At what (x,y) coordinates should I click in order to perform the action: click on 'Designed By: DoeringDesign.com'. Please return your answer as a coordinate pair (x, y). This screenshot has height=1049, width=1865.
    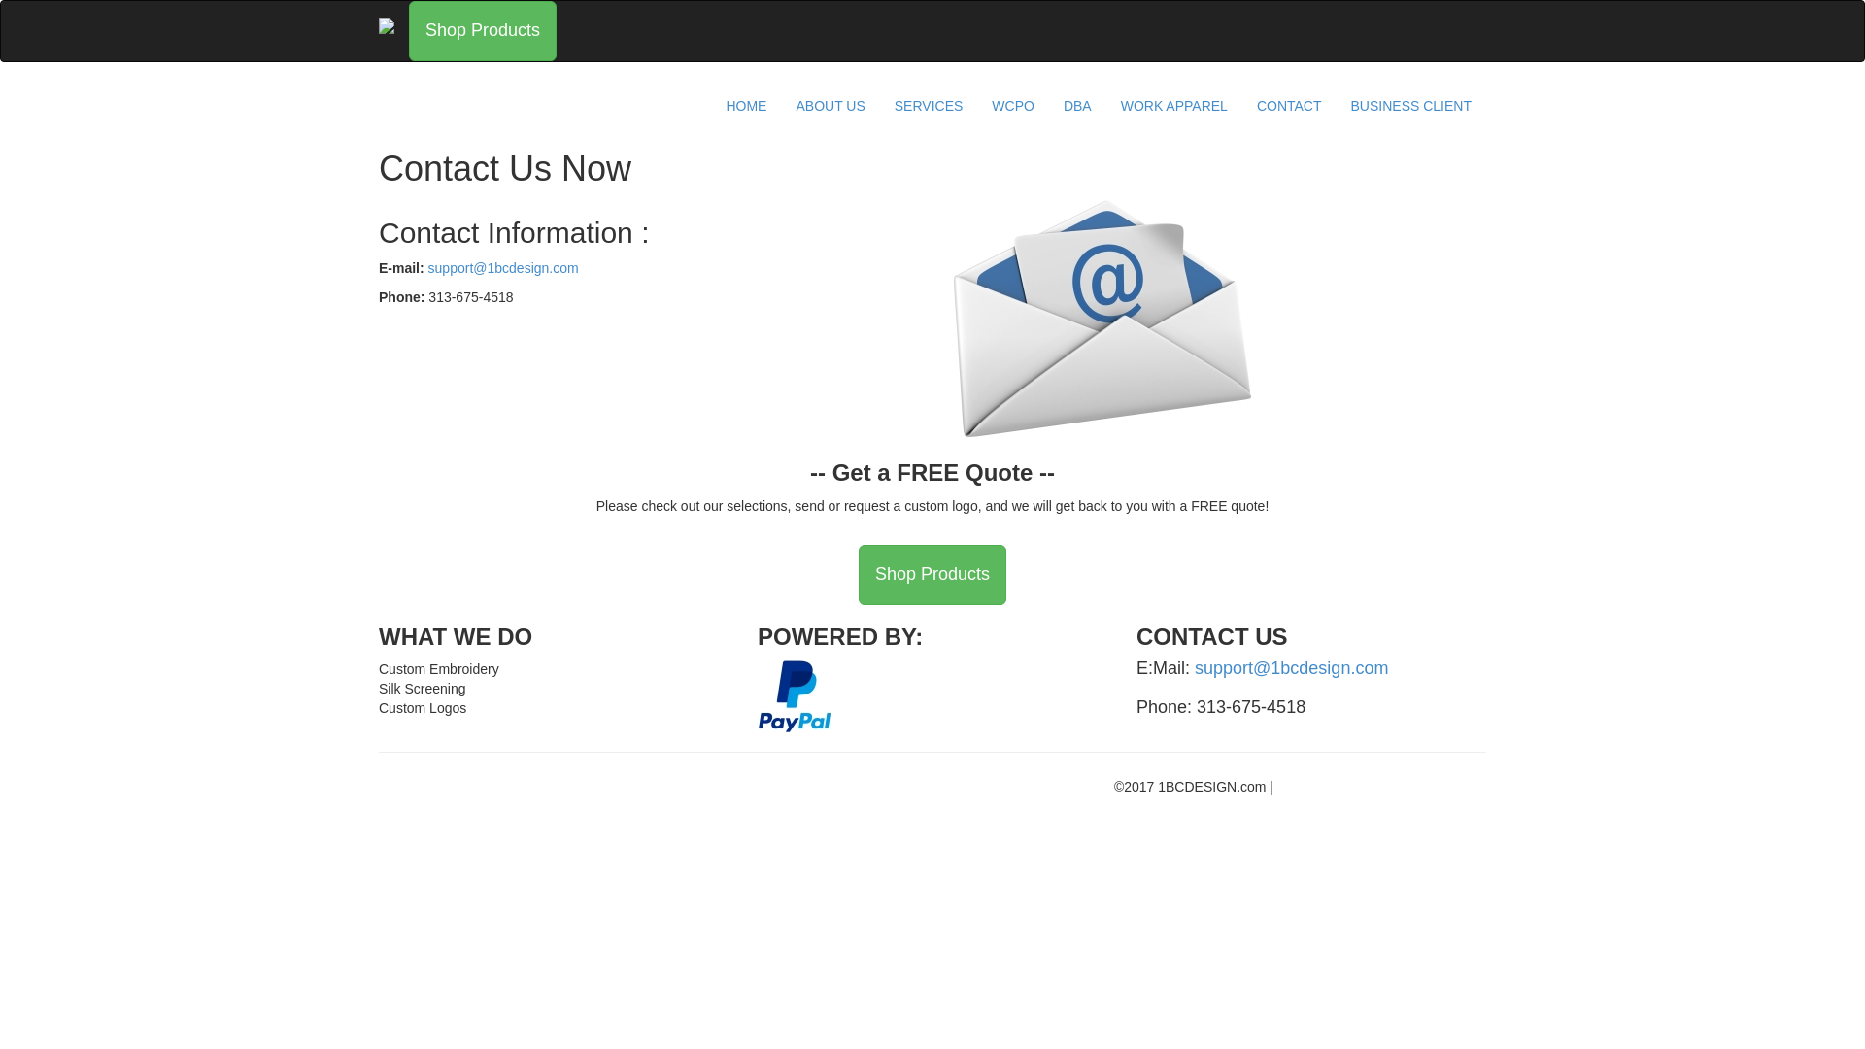
    Looking at the image, I should click on (1378, 787).